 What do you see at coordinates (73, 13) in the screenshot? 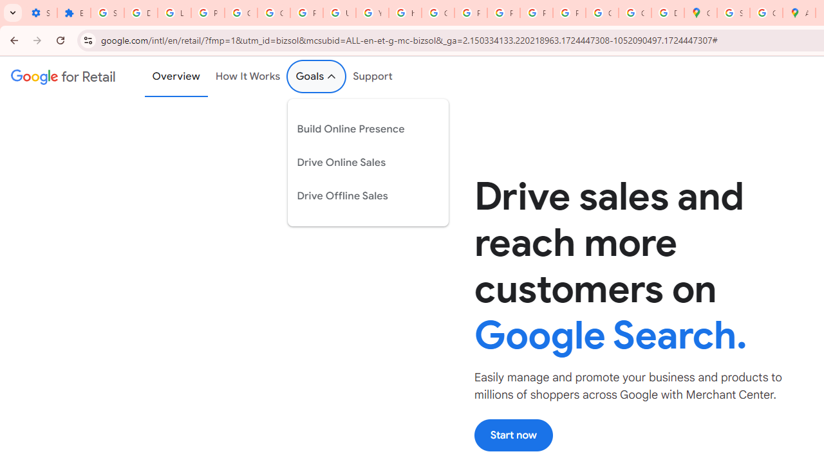
I see `'Extensions'` at bounding box center [73, 13].